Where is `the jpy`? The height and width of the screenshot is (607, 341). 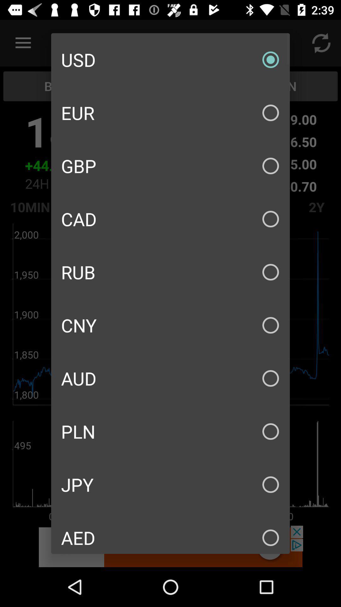
the jpy is located at coordinates (170, 484).